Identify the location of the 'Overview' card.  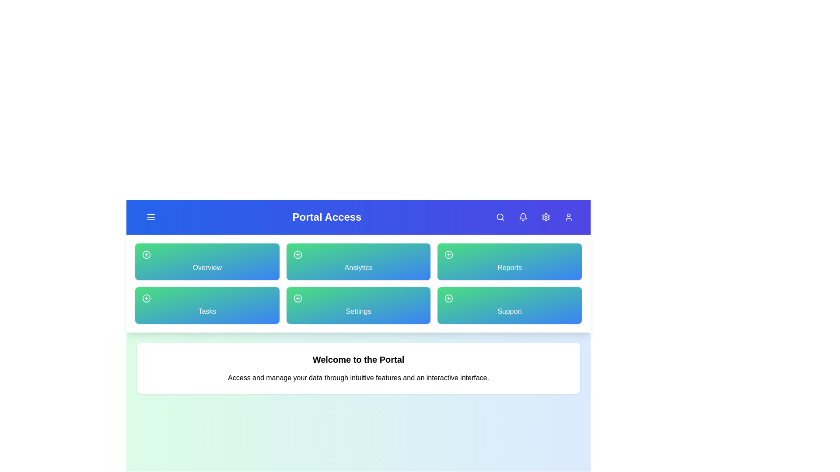
(206, 261).